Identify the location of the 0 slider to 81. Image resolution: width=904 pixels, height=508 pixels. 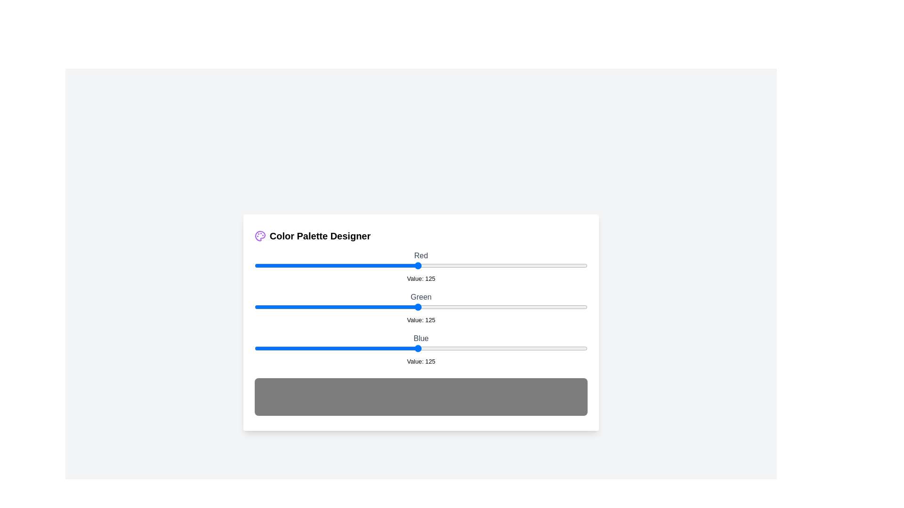
(360, 265).